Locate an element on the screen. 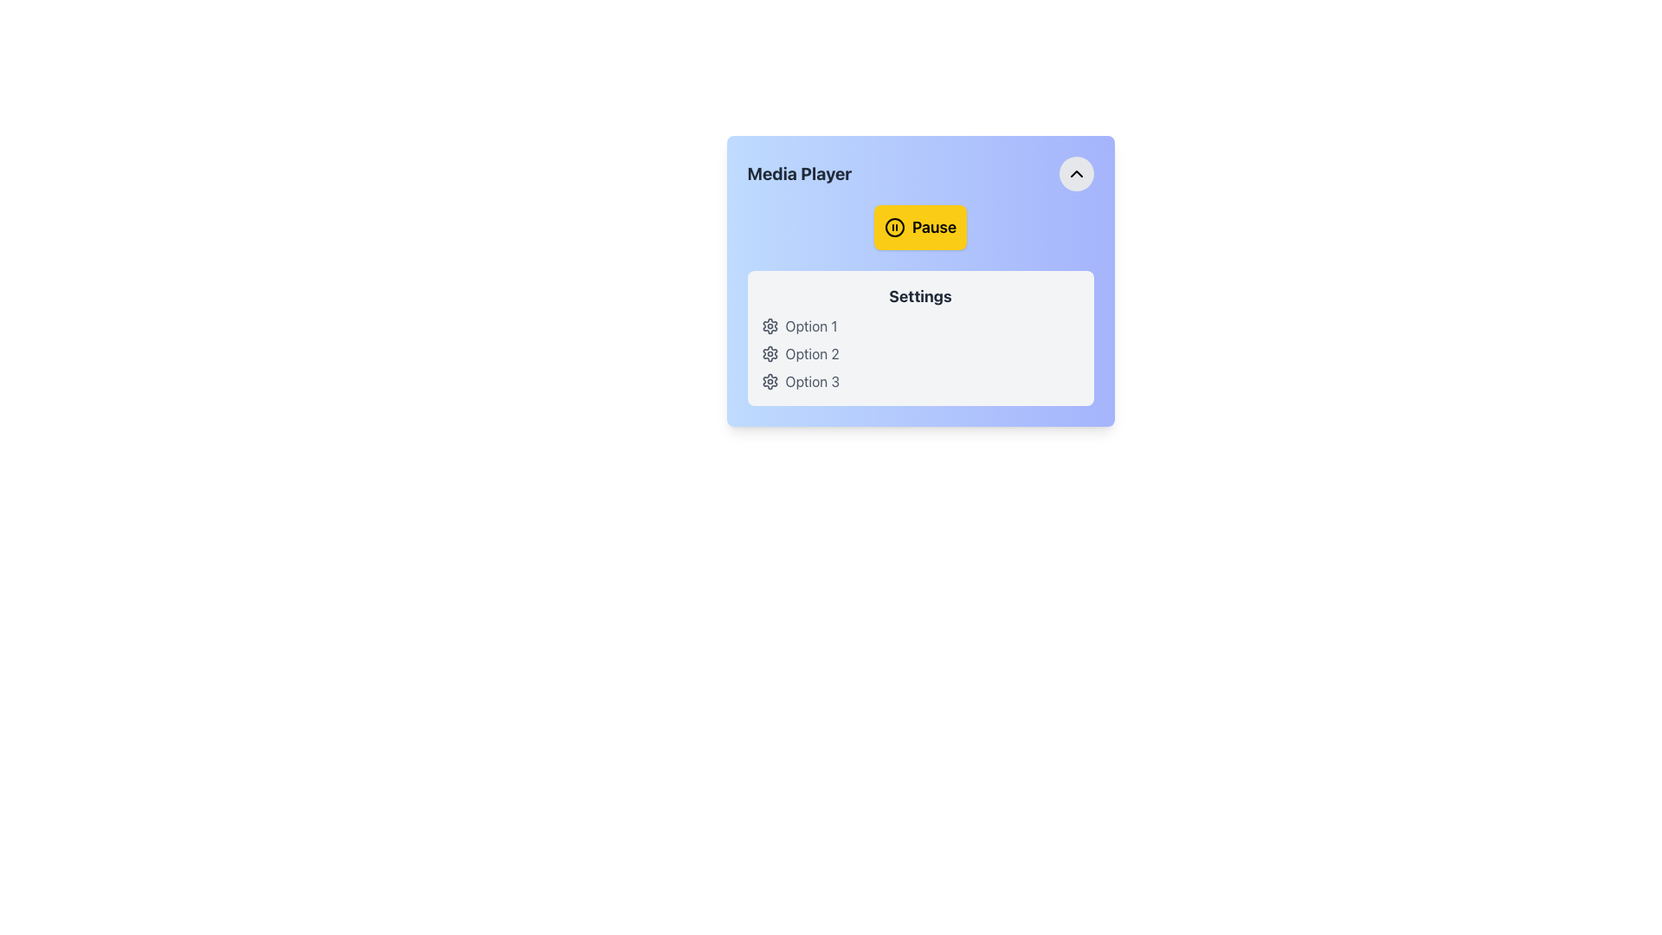  the circular gray button with an upward-pointing black chevron arrow located at the top-right corner of the 'Media Player' header section is located at coordinates (1075, 173).